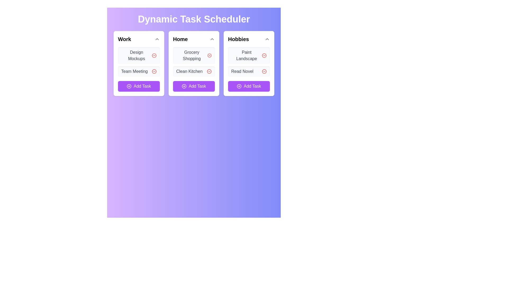 This screenshot has height=286, width=508. Describe the element at coordinates (209, 71) in the screenshot. I see `the button located in the 'Home' section next to the 'Clean Kitchen' task` at that location.